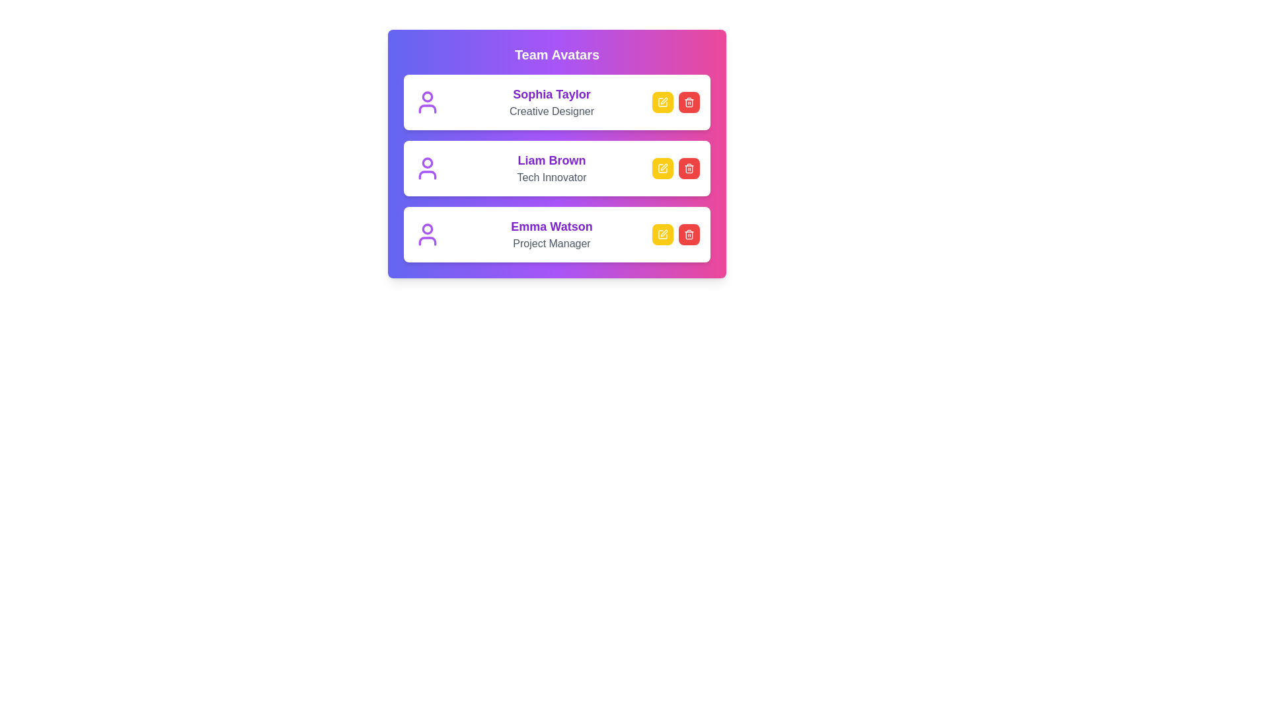 This screenshot has height=714, width=1269. Describe the element at coordinates (664, 167) in the screenshot. I see `the pen icon located in the top-right corner of the entry labeled 'Sophia Taylor'` at that location.